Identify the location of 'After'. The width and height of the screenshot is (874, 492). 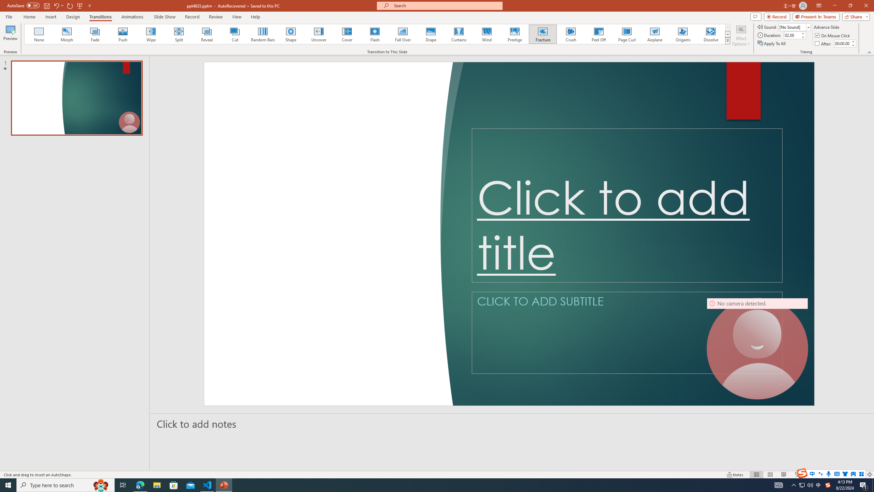
(842, 43).